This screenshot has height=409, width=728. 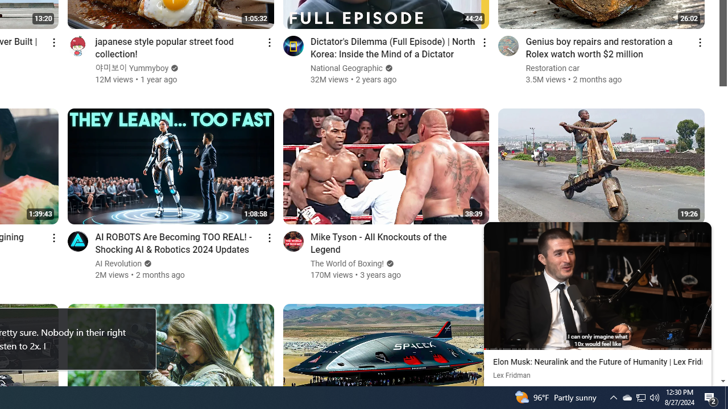 I want to click on 'National Geographic', so click(x=346, y=68).